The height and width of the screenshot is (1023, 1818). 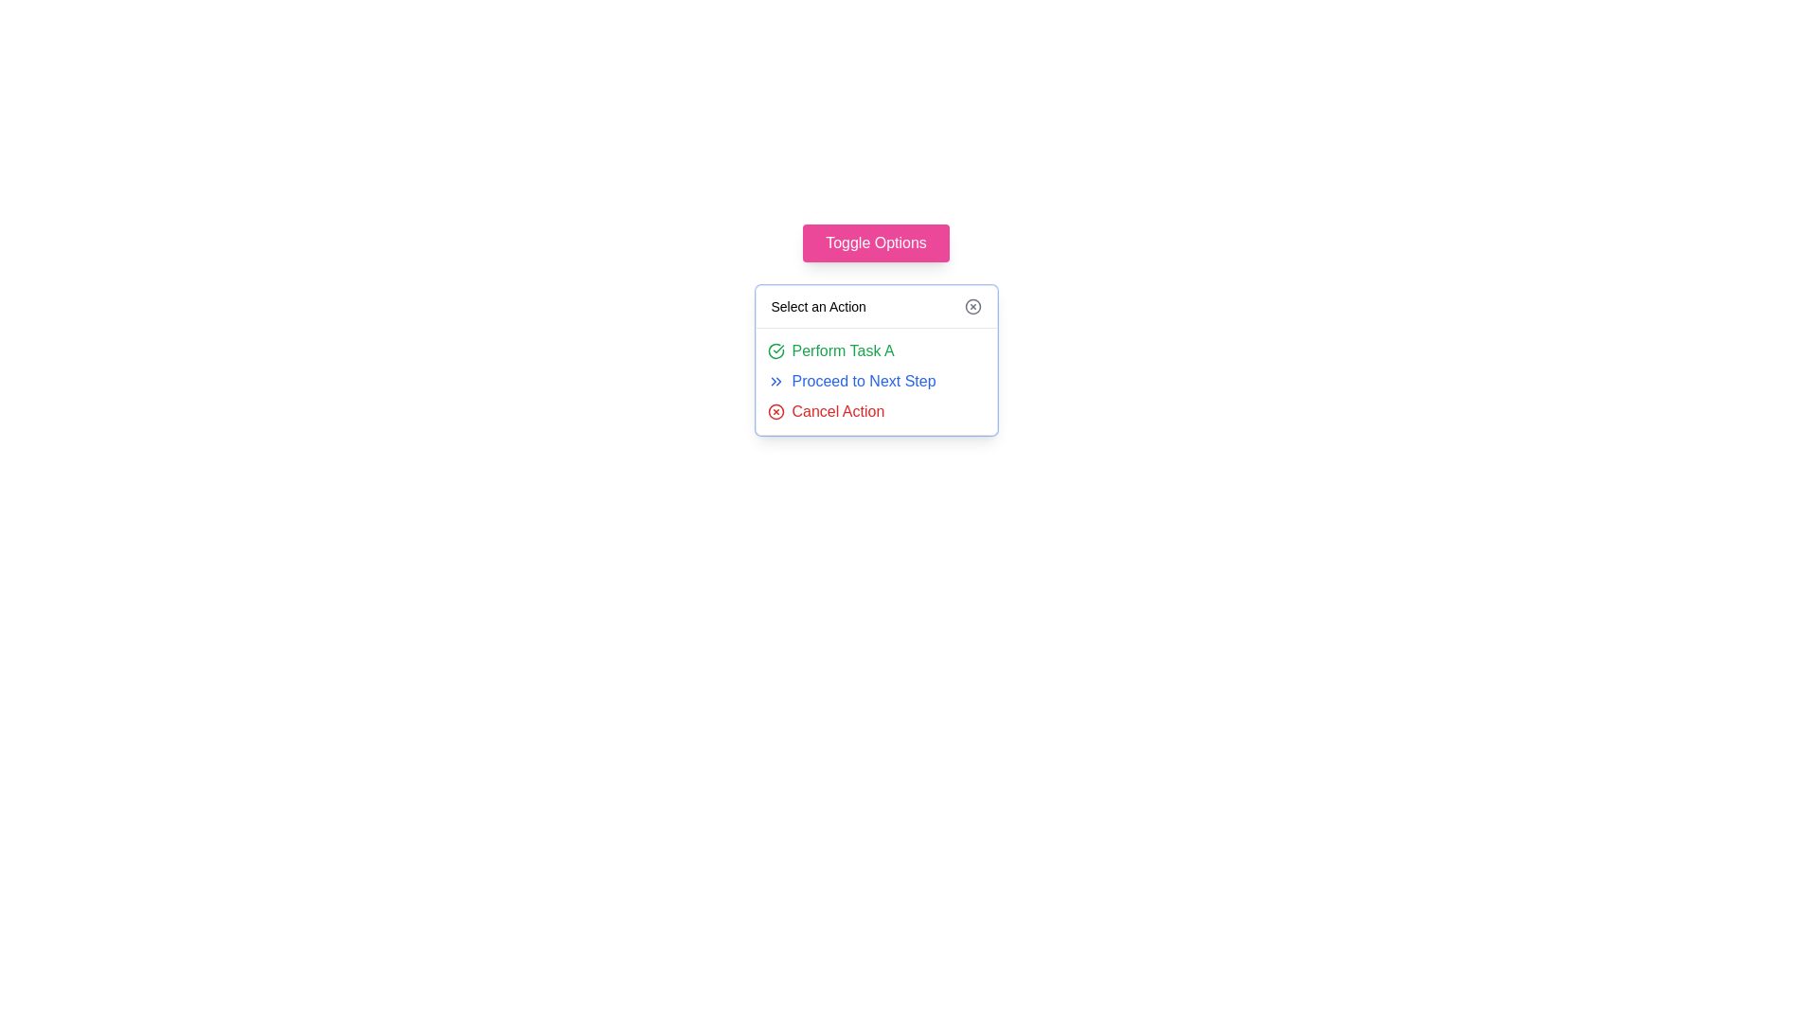 I want to click on the icon that serves as an indicator or navigational aid located to the left of the 'Proceed to Next Step' text in the dropdown menu below the 'Toggle Options' button, so click(x=775, y=381).